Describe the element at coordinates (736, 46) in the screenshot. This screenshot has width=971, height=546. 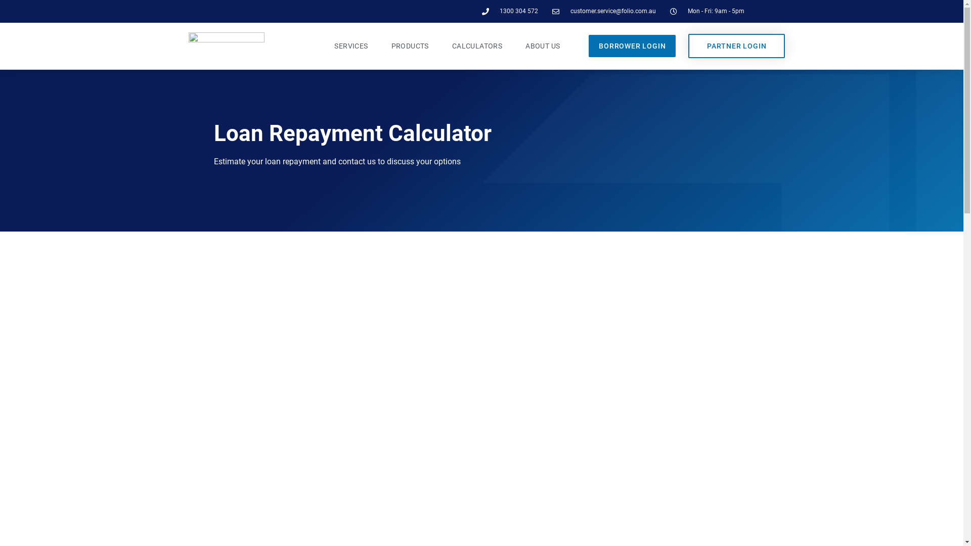
I see `'PARTNER LOGIN'` at that location.